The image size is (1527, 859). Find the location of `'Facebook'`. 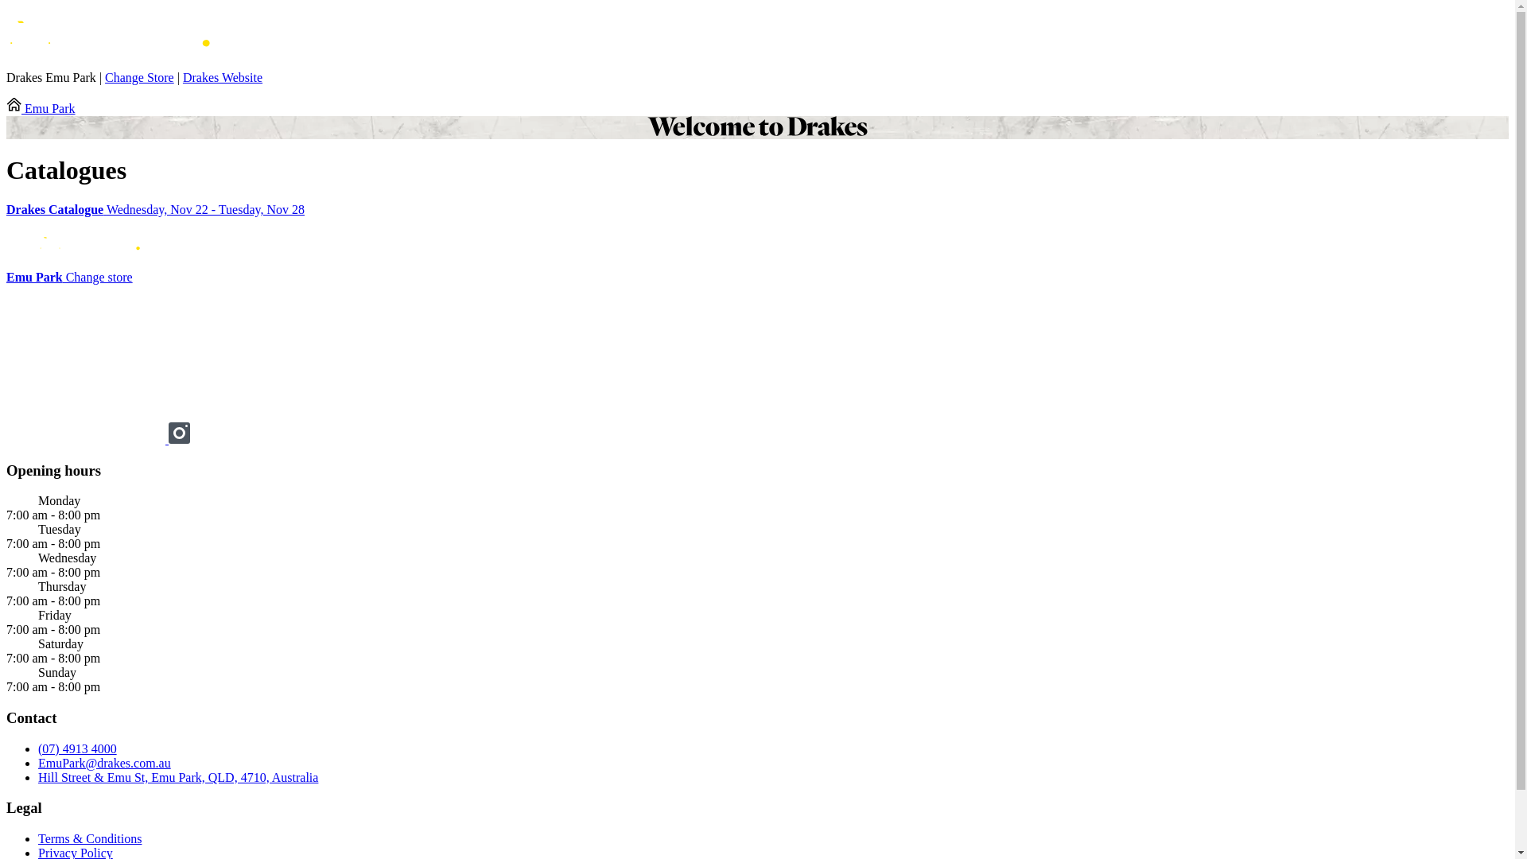

'Facebook' is located at coordinates (6, 439).